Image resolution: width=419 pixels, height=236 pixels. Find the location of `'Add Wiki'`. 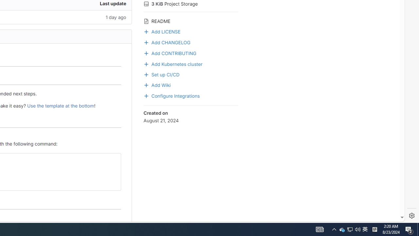

'Add Wiki' is located at coordinates (191, 84).